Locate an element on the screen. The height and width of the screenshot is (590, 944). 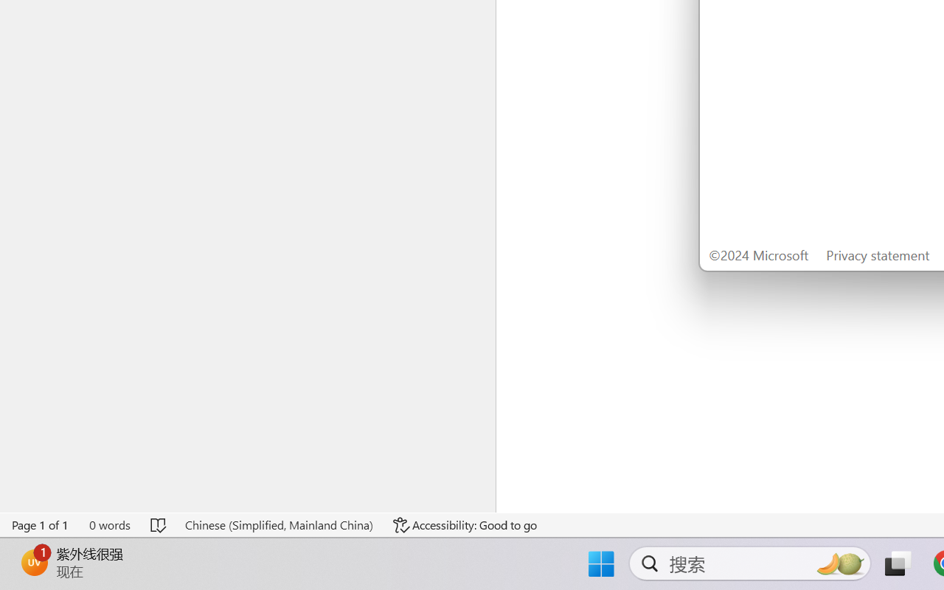
'Language Chinese (Simplified, Mainland China)' is located at coordinates (279, 524).